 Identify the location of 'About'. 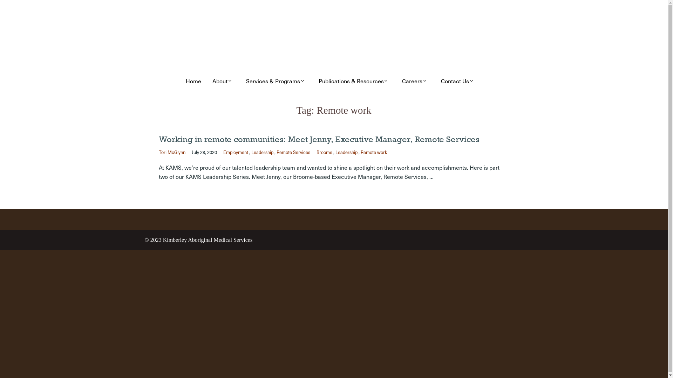
(223, 80).